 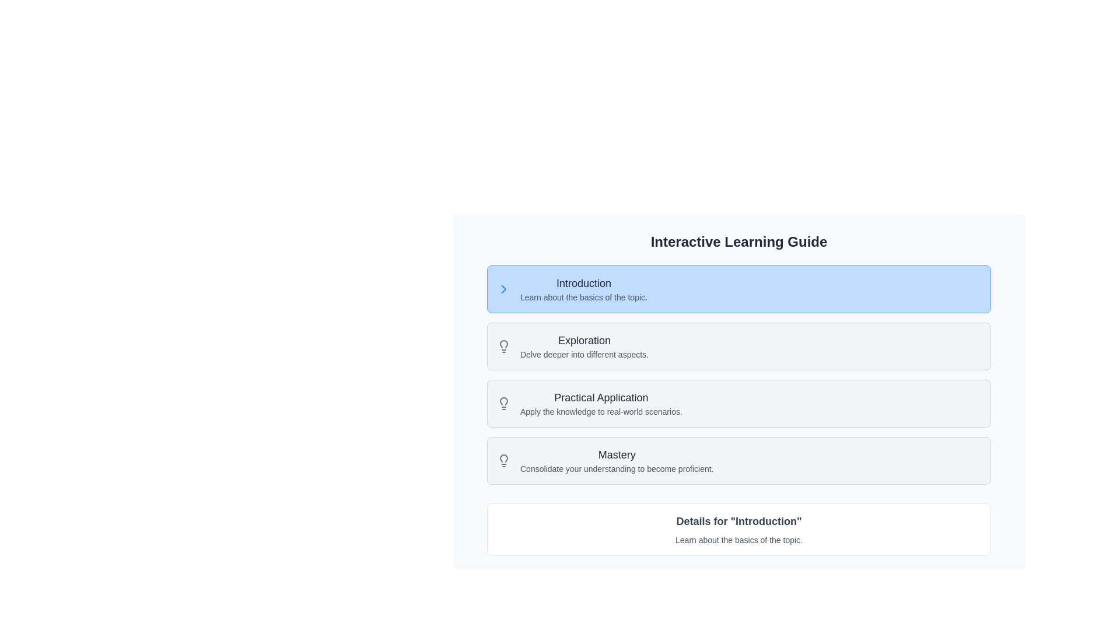 I want to click on the rightward arrow icon with a blue stroke color located in the 'Introduction' section of the 'Interactive Learning Guide' interface, so click(x=504, y=289).